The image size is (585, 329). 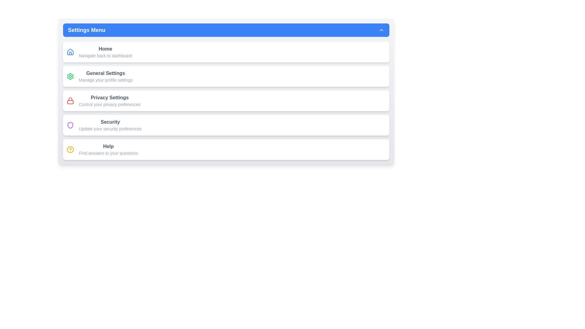 I want to click on the second item in the 'Settings Menu' navigational menu, which allows access to general profile settings, so click(x=105, y=76).